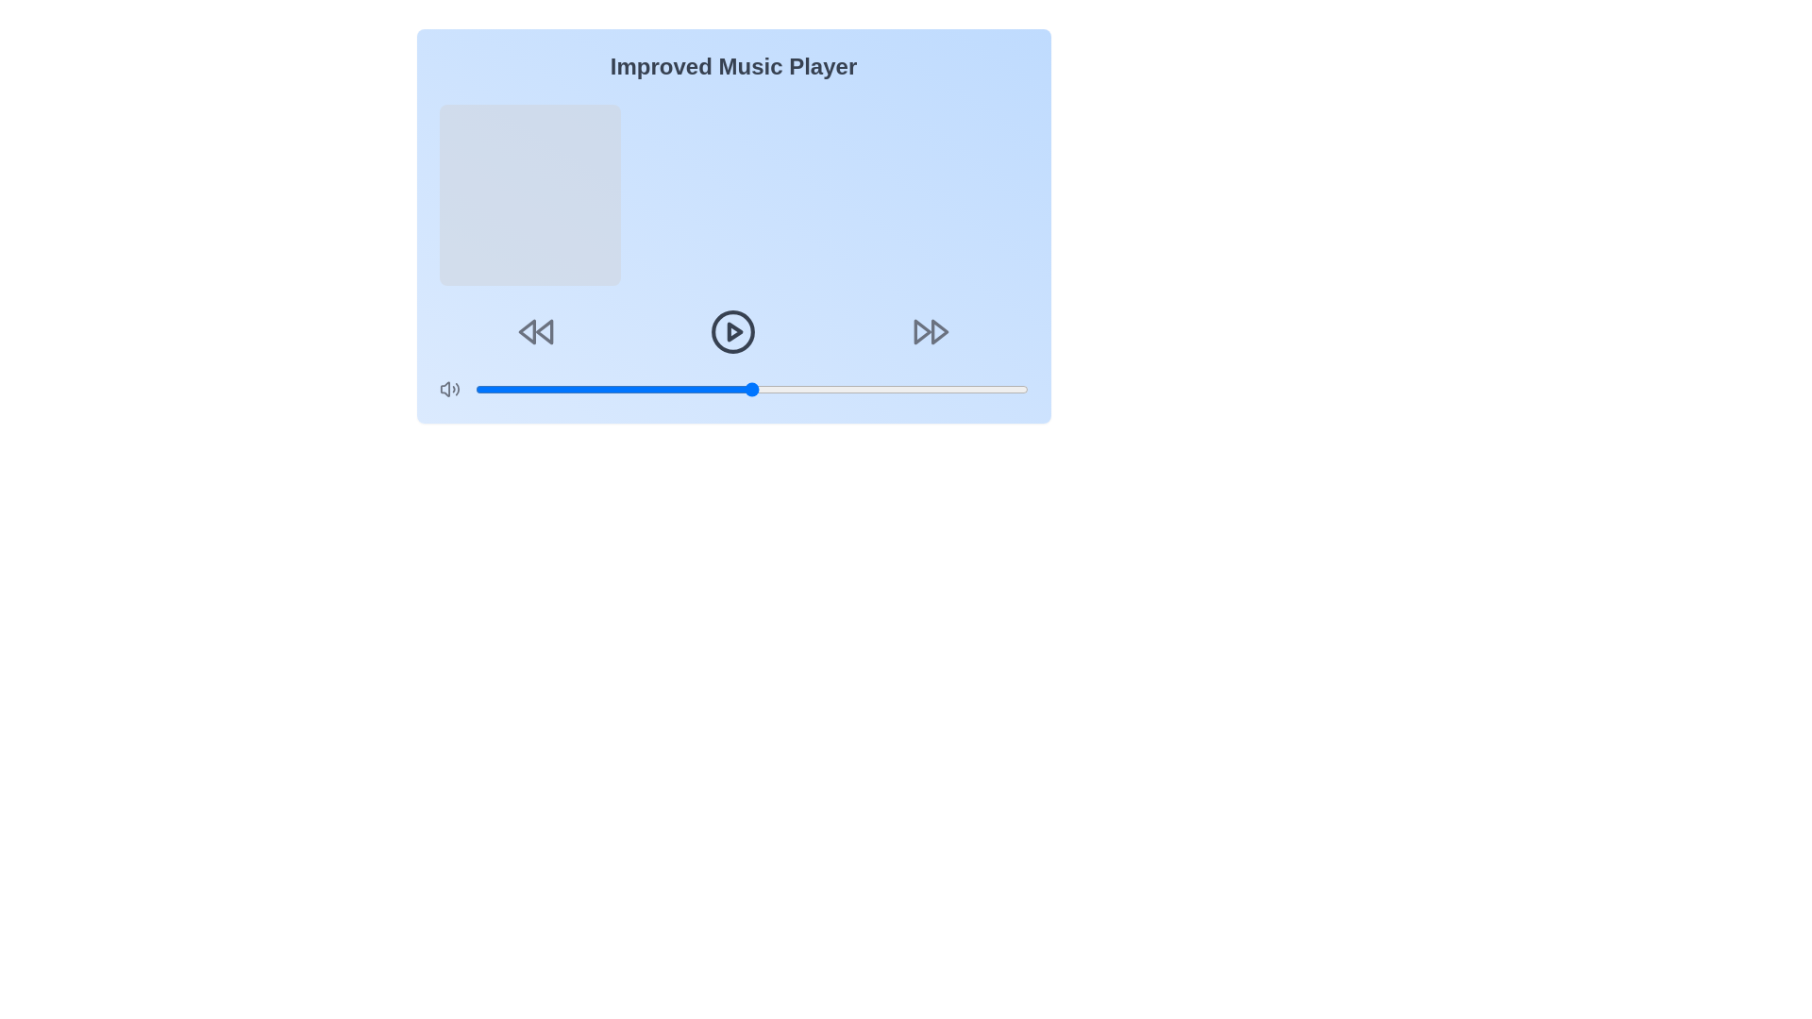 The image size is (1812, 1019). Describe the element at coordinates (534, 330) in the screenshot. I see `the rewind button, which is the first control in a row of media playback buttons at the bottom of the music player interface` at that location.